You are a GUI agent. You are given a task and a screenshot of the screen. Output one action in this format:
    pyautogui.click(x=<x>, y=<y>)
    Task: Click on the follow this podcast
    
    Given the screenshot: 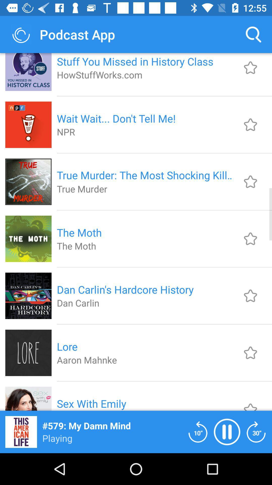 What is the action you would take?
    pyautogui.click(x=250, y=352)
    